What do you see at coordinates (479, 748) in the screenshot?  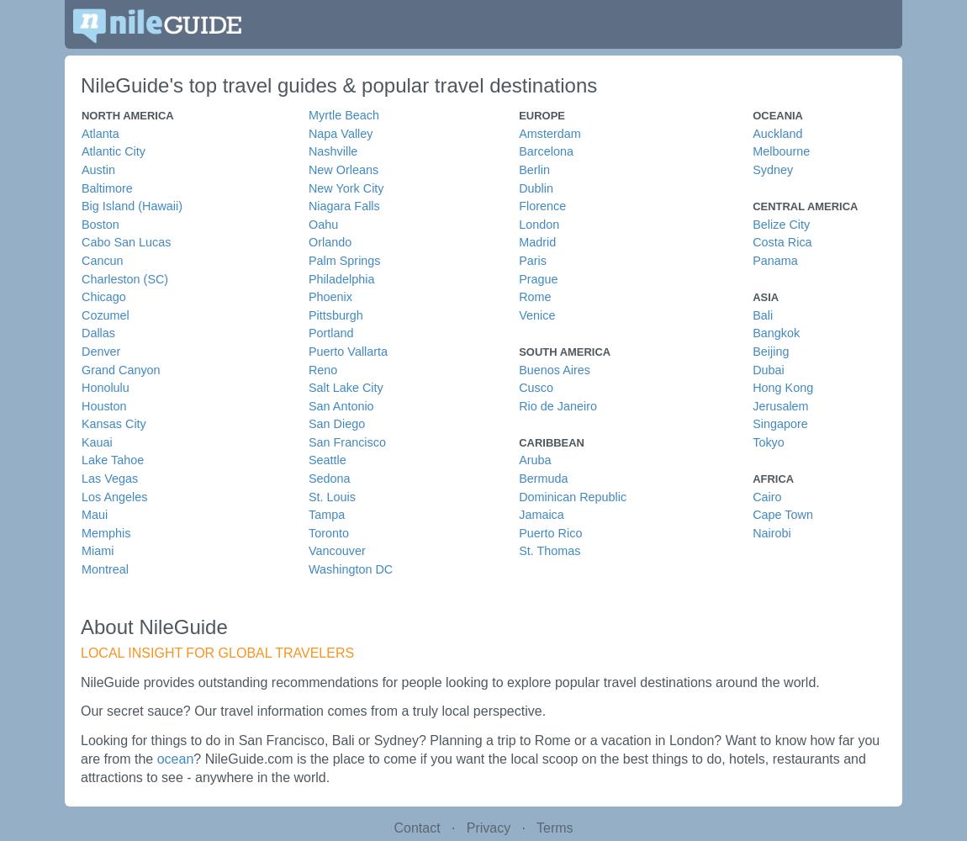 I see `'Looking for things to do in San Francisco, Bali or Sydney? Planning a trip to Rome or a vacation in London? Want to know how far you are from the'` at bounding box center [479, 748].